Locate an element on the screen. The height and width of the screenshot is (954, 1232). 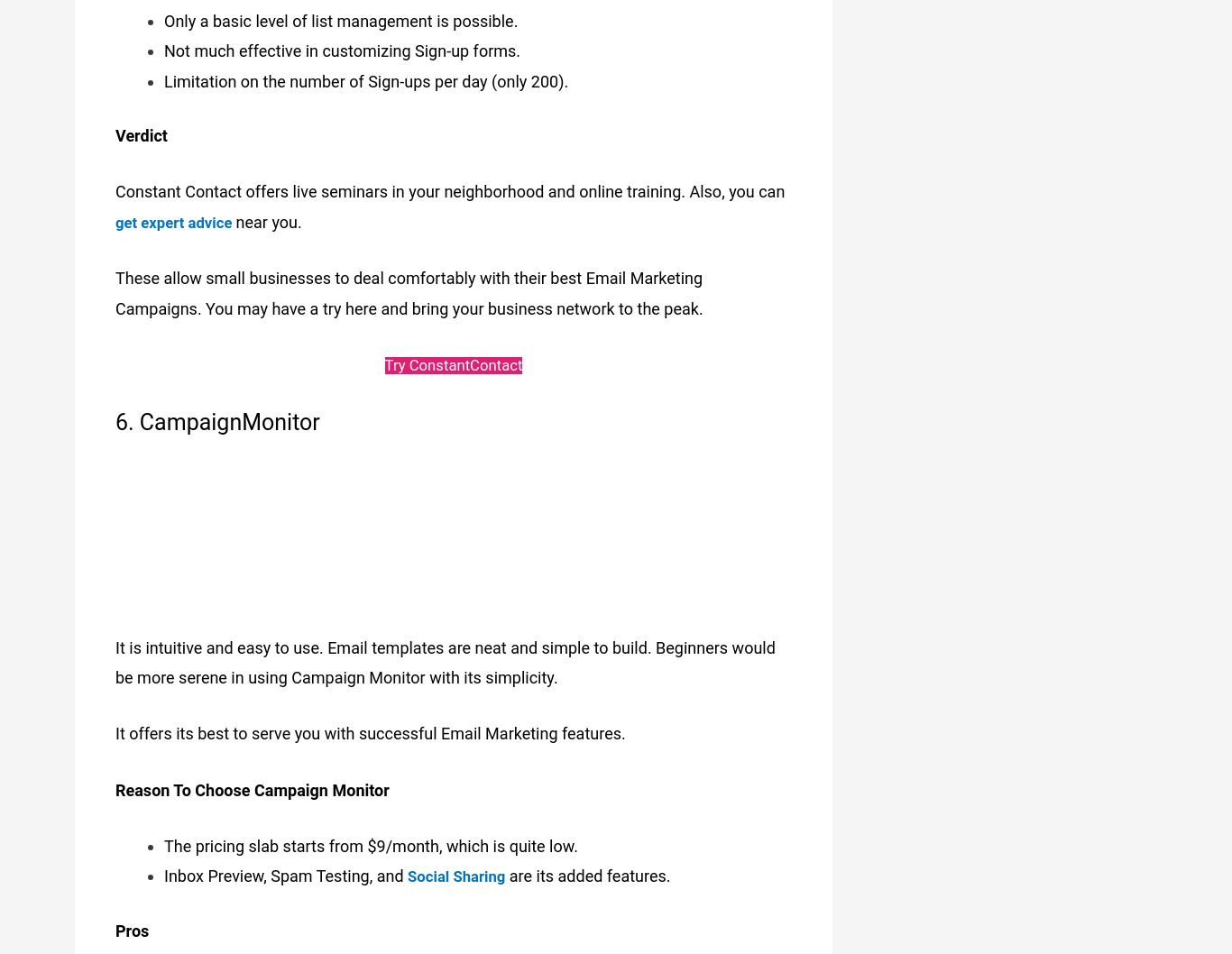
'Only a basic level of list management is possible.' is located at coordinates (162, 12).